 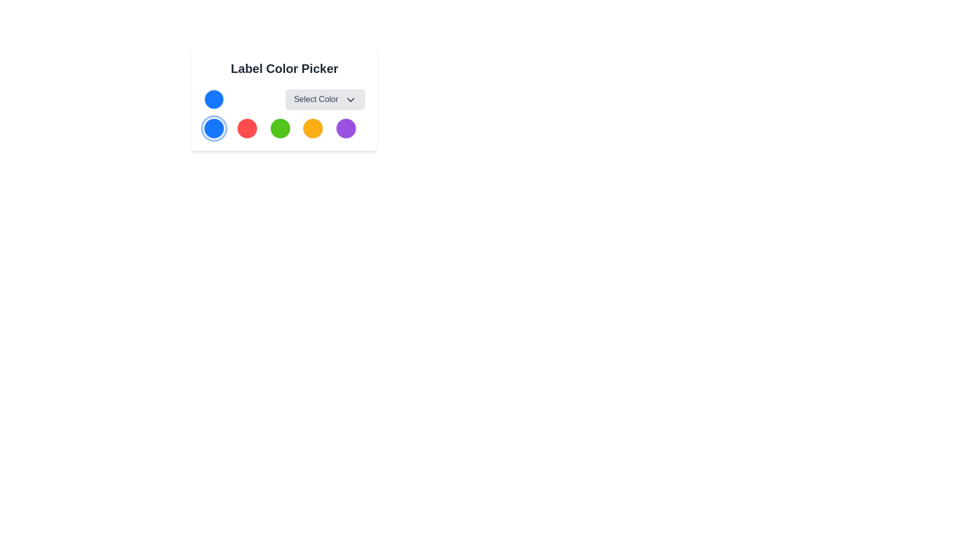 I want to click on the third circular button that allows users to select green as a color option, so click(x=280, y=128).